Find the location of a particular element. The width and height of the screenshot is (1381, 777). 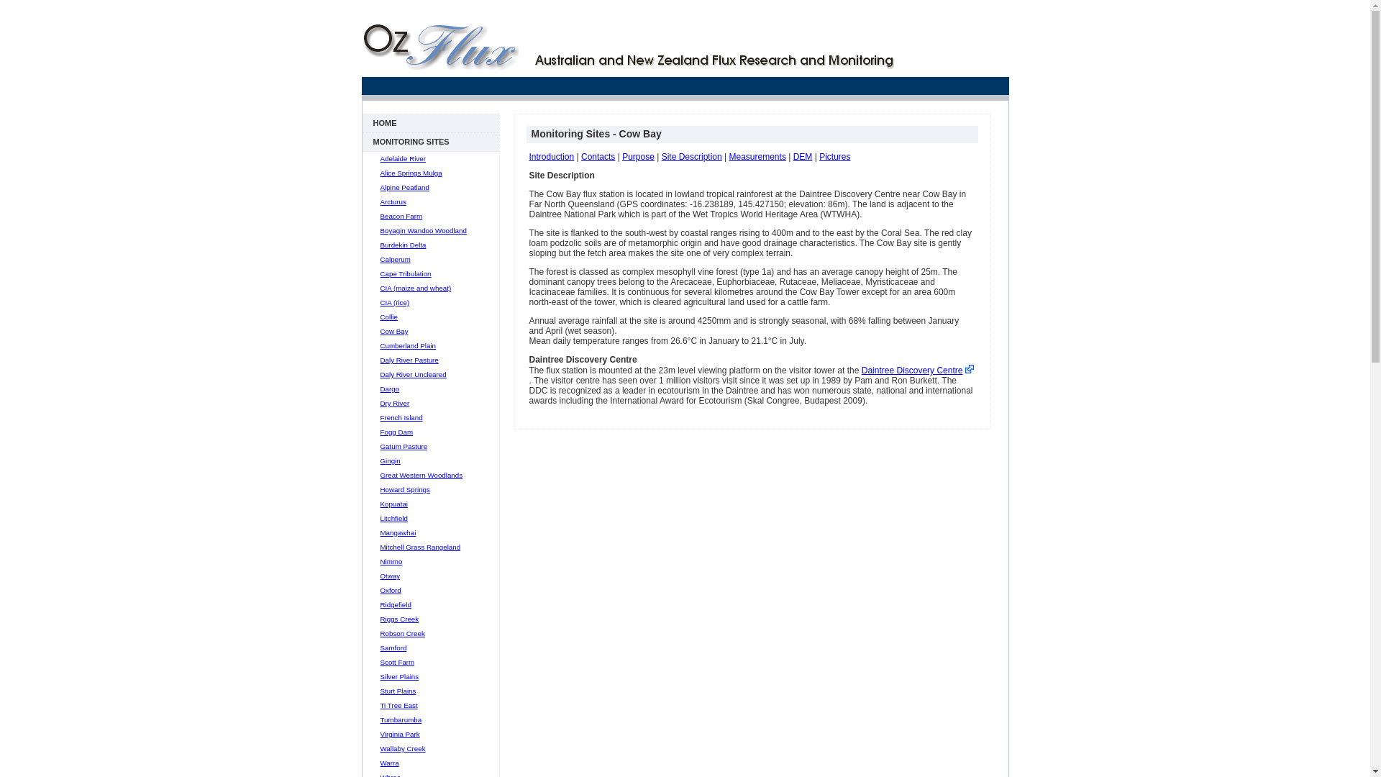

'Dargo' is located at coordinates (389, 388).